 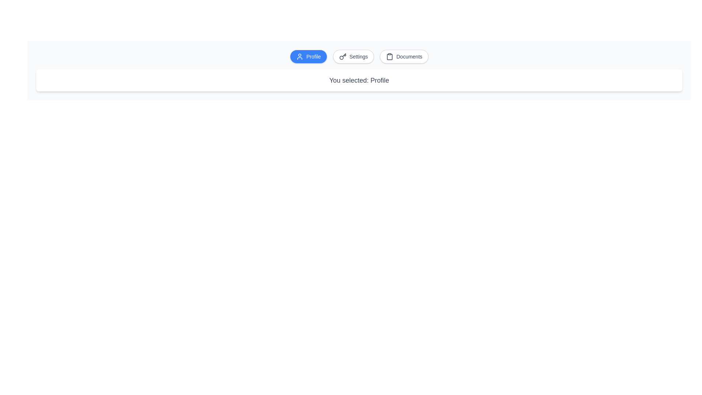 What do you see at coordinates (300, 56) in the screenshot?
I see `the user profile icon, which is a minimalistic SVG graphic of a person with a circular head and curved shoulders, located within the 'Profile' button at the top left of the interface` at bounding box center [300, 56].